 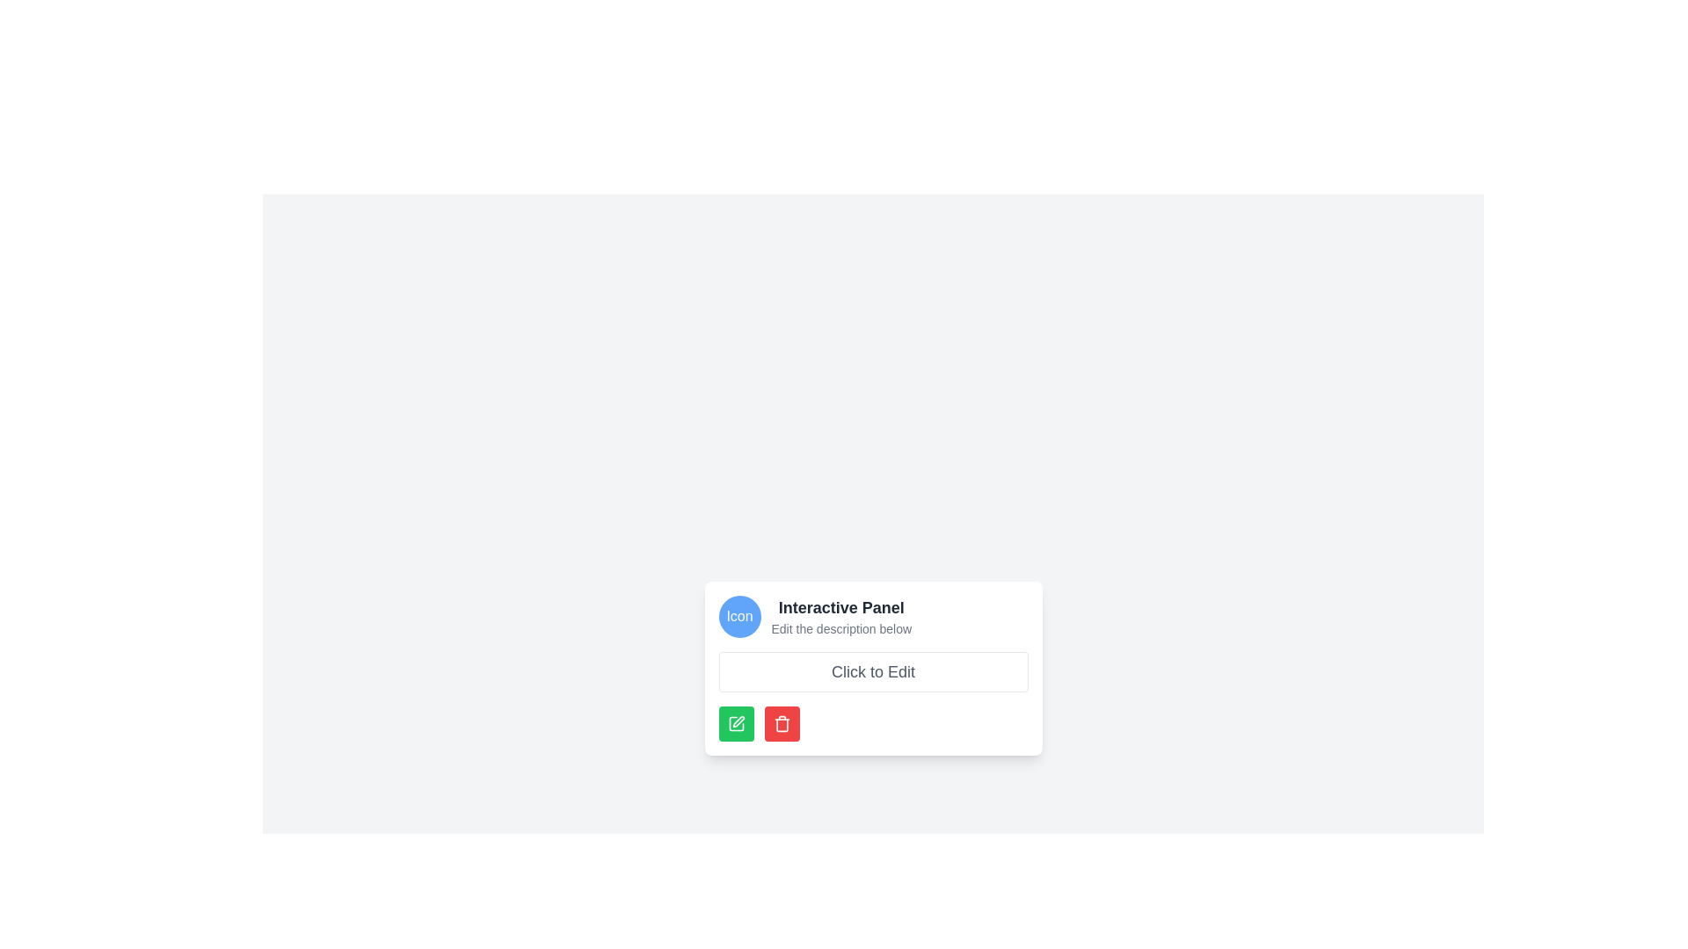 What do you see at coordinates (873, 724) in the screenshot?
I see `the horizontal button group located at the bottom of the white card` at bounding box center [873, 724].